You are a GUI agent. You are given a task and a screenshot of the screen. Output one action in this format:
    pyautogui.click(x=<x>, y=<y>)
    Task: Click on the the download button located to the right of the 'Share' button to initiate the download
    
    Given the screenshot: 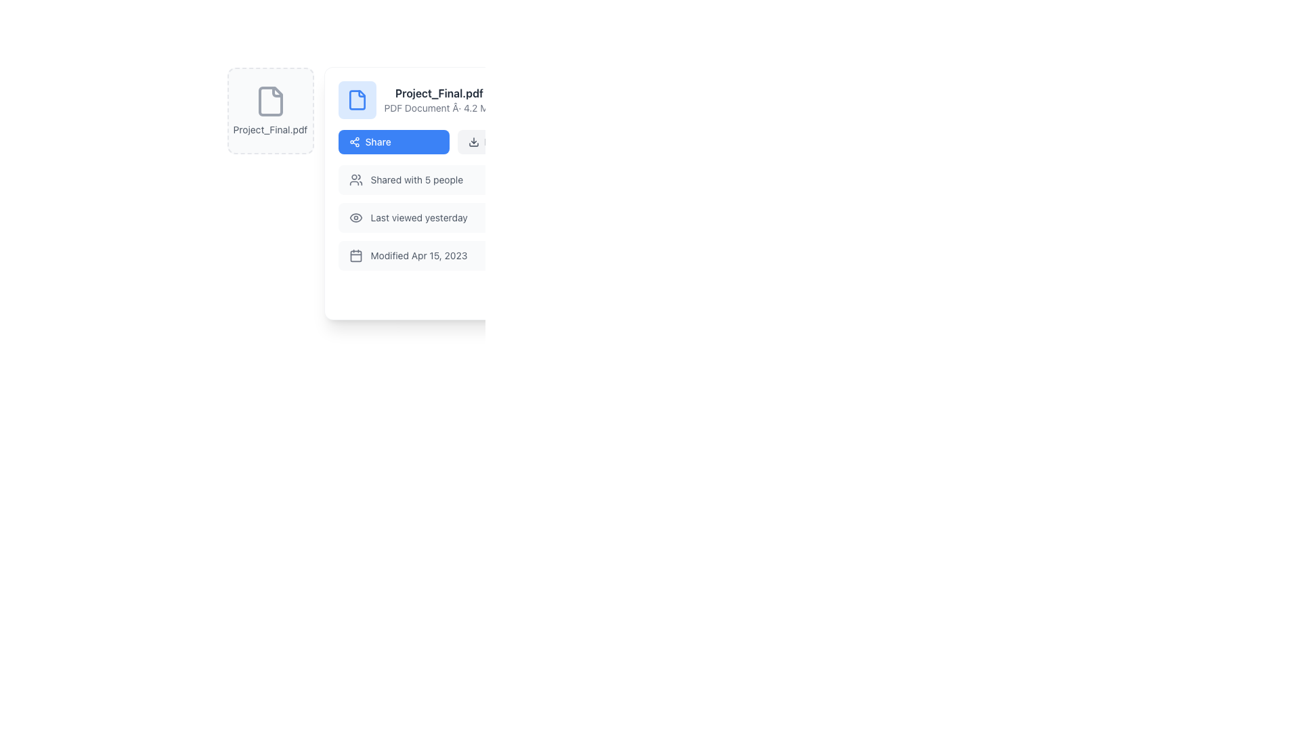 What is the action you would take?
    pyautogui.click(x=512, y=141)
    